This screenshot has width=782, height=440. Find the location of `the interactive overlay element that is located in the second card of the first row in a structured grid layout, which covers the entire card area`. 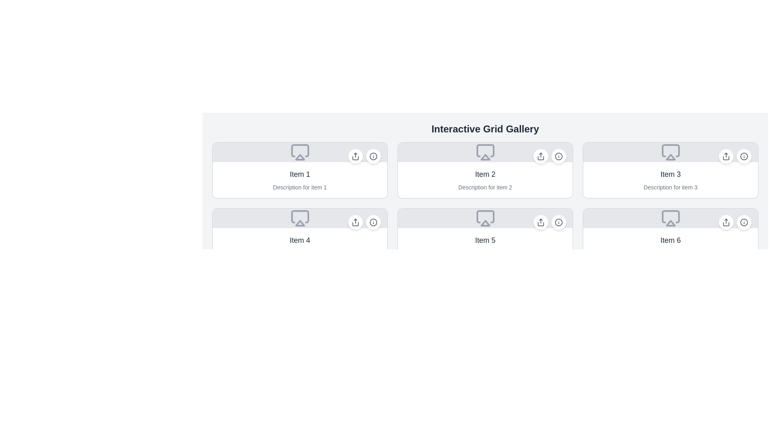

the interactive overlay element that is located in the second card of the first row in a structured grid layout, which covers the entire card area is located at coordinates (485, 169).